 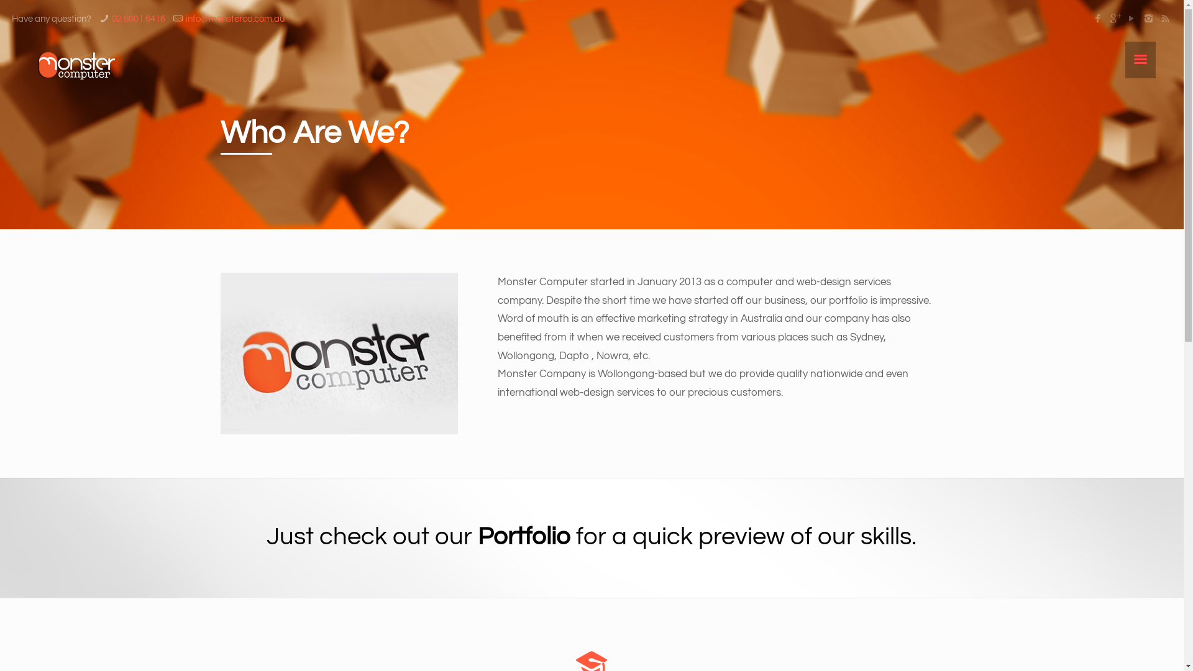 What do you see at coordinates (1148, 19) in the screenshot?
I see `'Instagram'` at bounding box center [1148, 19].